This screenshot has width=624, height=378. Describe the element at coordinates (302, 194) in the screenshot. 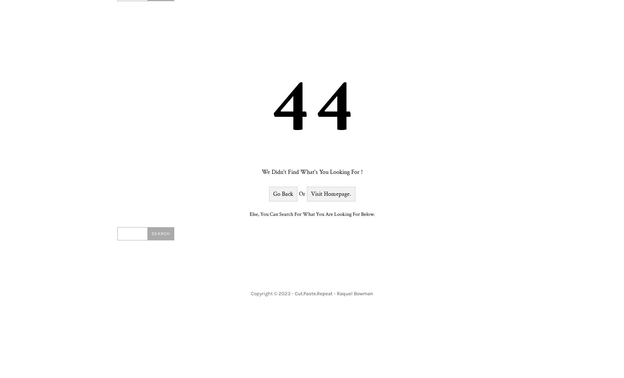

I see `'or'` at that location.